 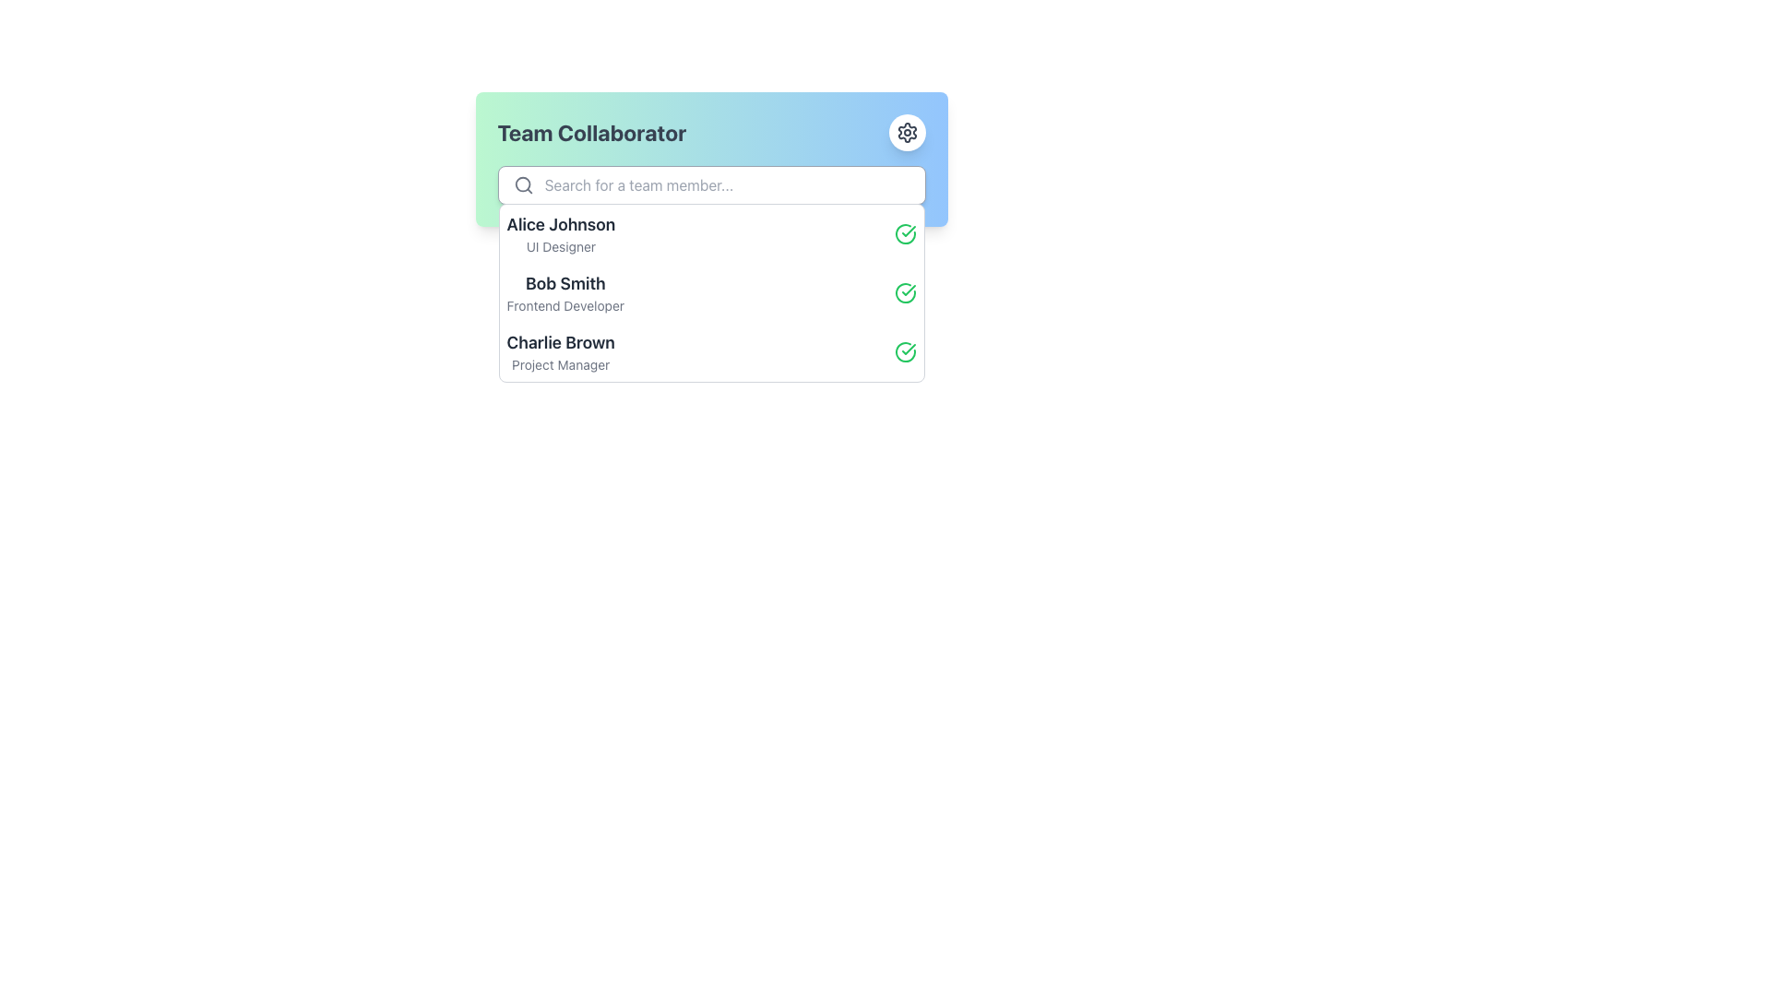 What do you see at coordinates (710, 184) in the screenshot?
I see `the text input field with a search icon displaying the placeholder 'Search for a team member...' in the 'Team Collaborator' panel` at bounding box center [710, 184].